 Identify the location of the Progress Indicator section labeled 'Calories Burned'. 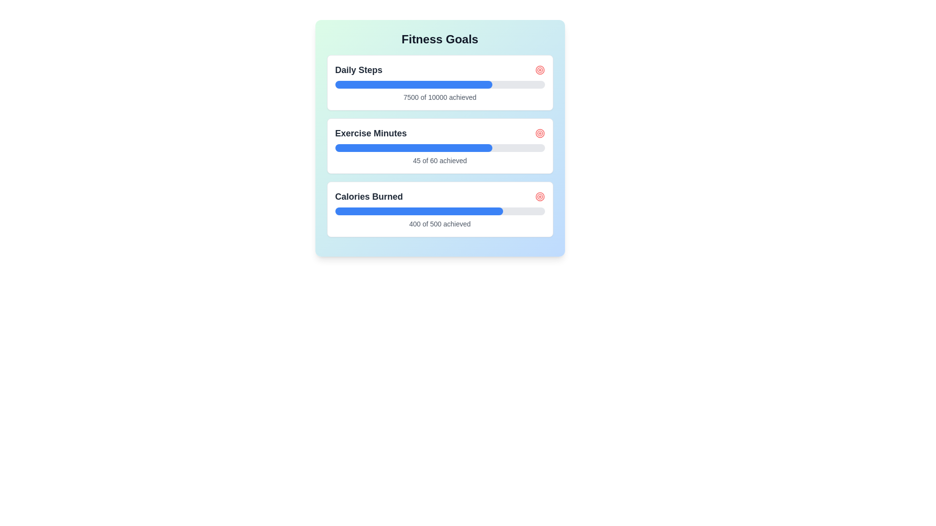
(439, 208).